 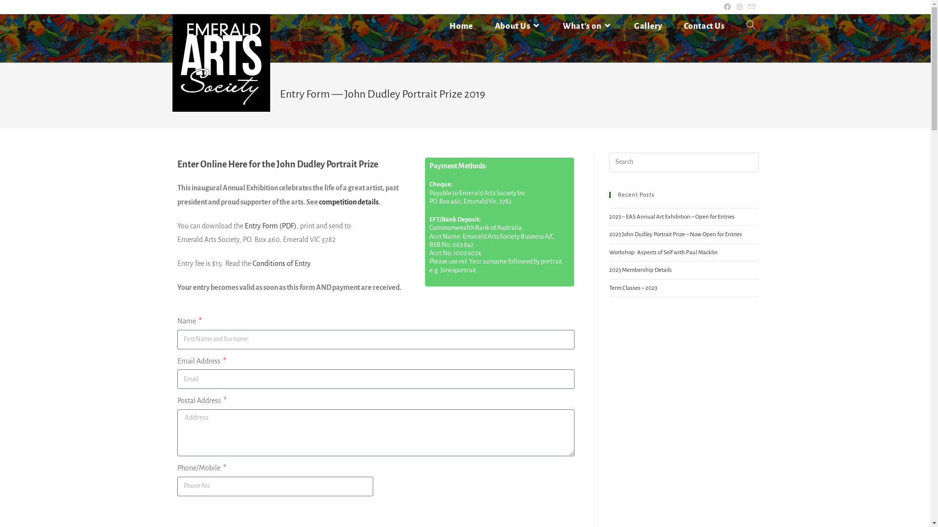 I want to click on 'Entry Form (PDF)', so click(x=270, y=225).